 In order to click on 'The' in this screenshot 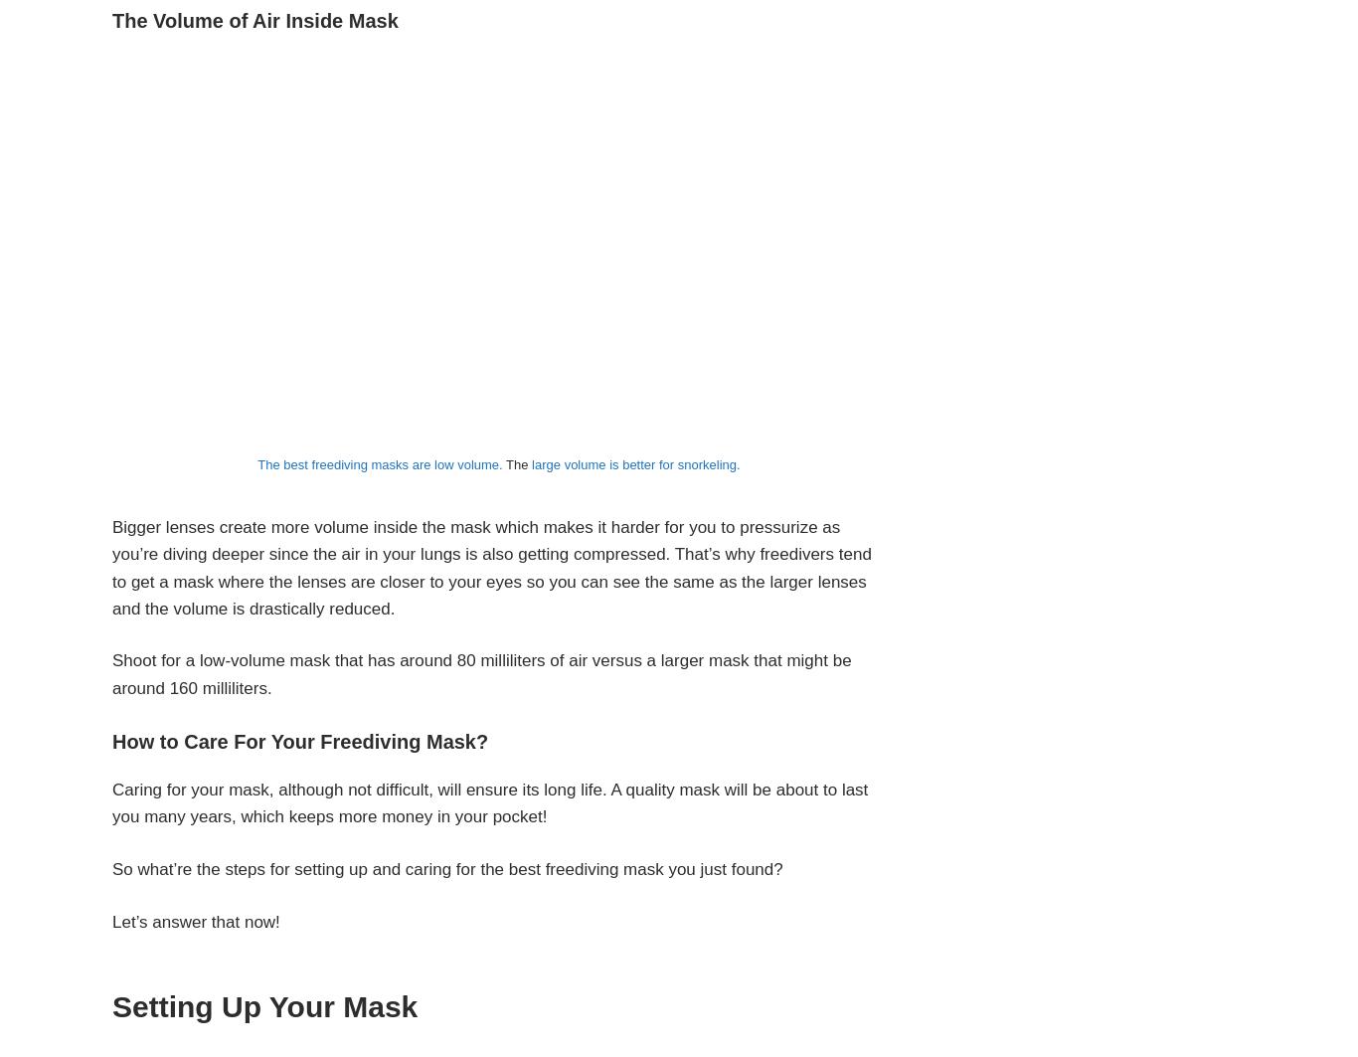, I will do `click(505, 463)`.